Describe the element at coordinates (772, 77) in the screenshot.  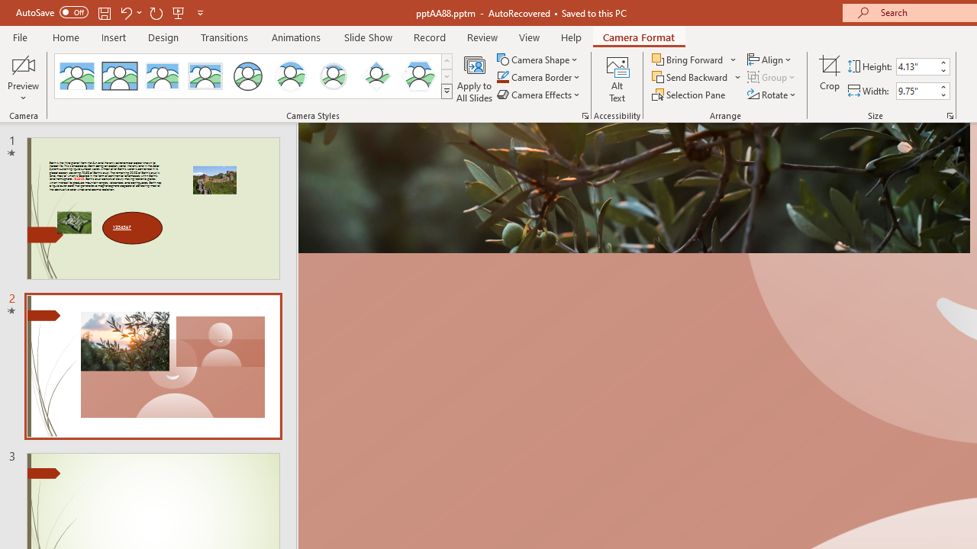
I see `'Group'` at that location.